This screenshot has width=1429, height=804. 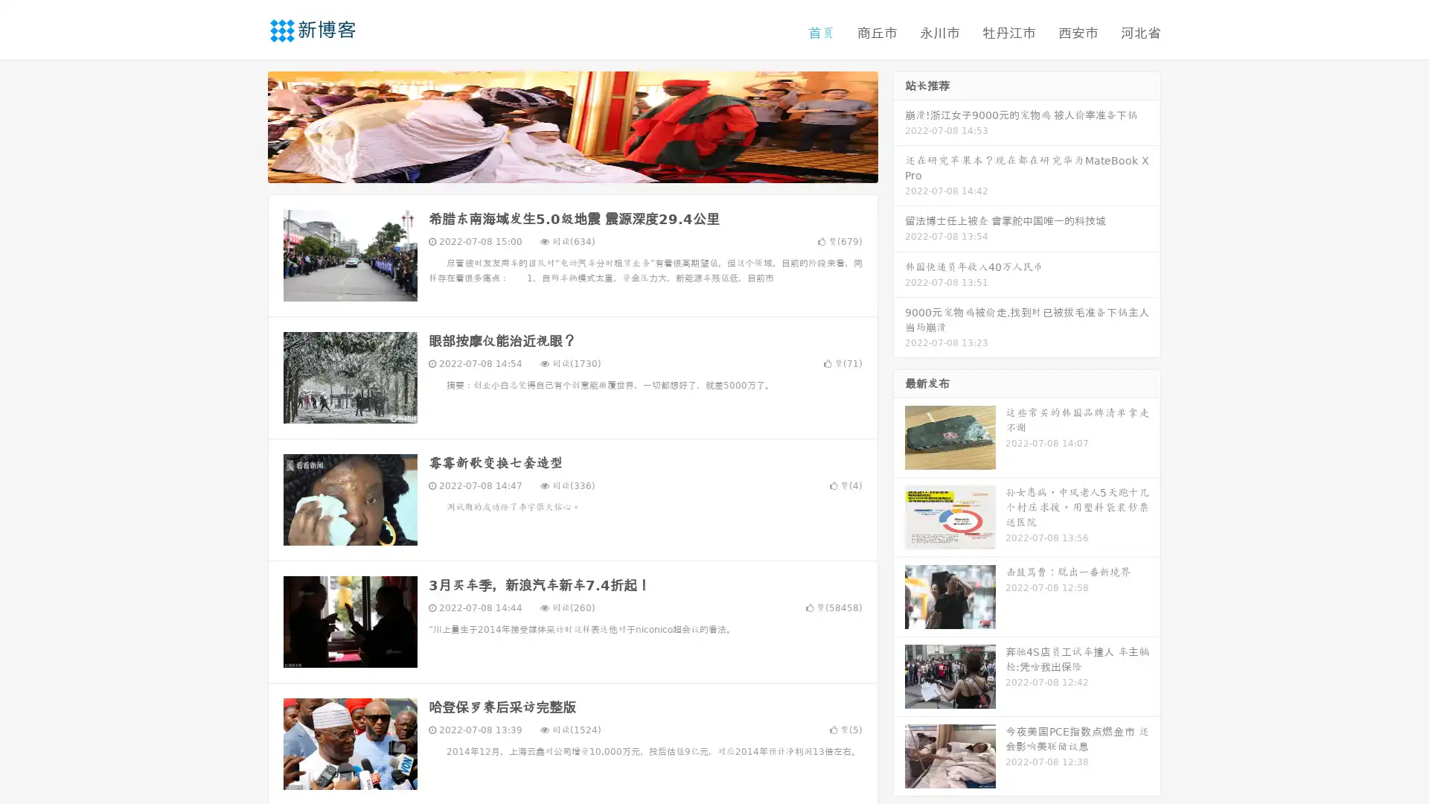 I want to click on Go to slide 2, so click(x=572, y=167).